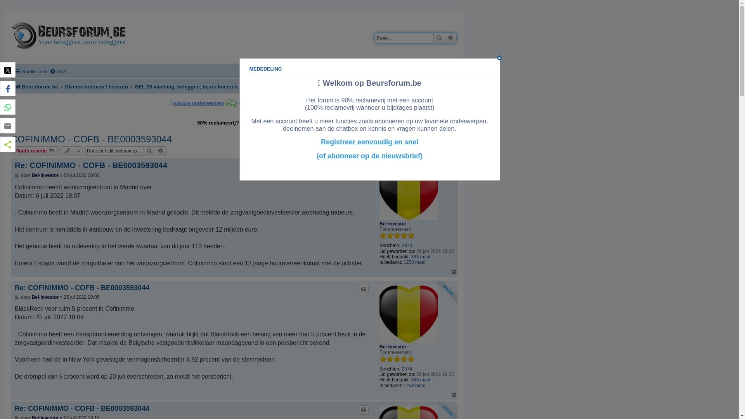 Image resolution: width=745 pixels, height=419 pixels. What do you see at coordinates (57, 71) in the screenshot?
I see `'V&A'` at bounding box center [57, 71].